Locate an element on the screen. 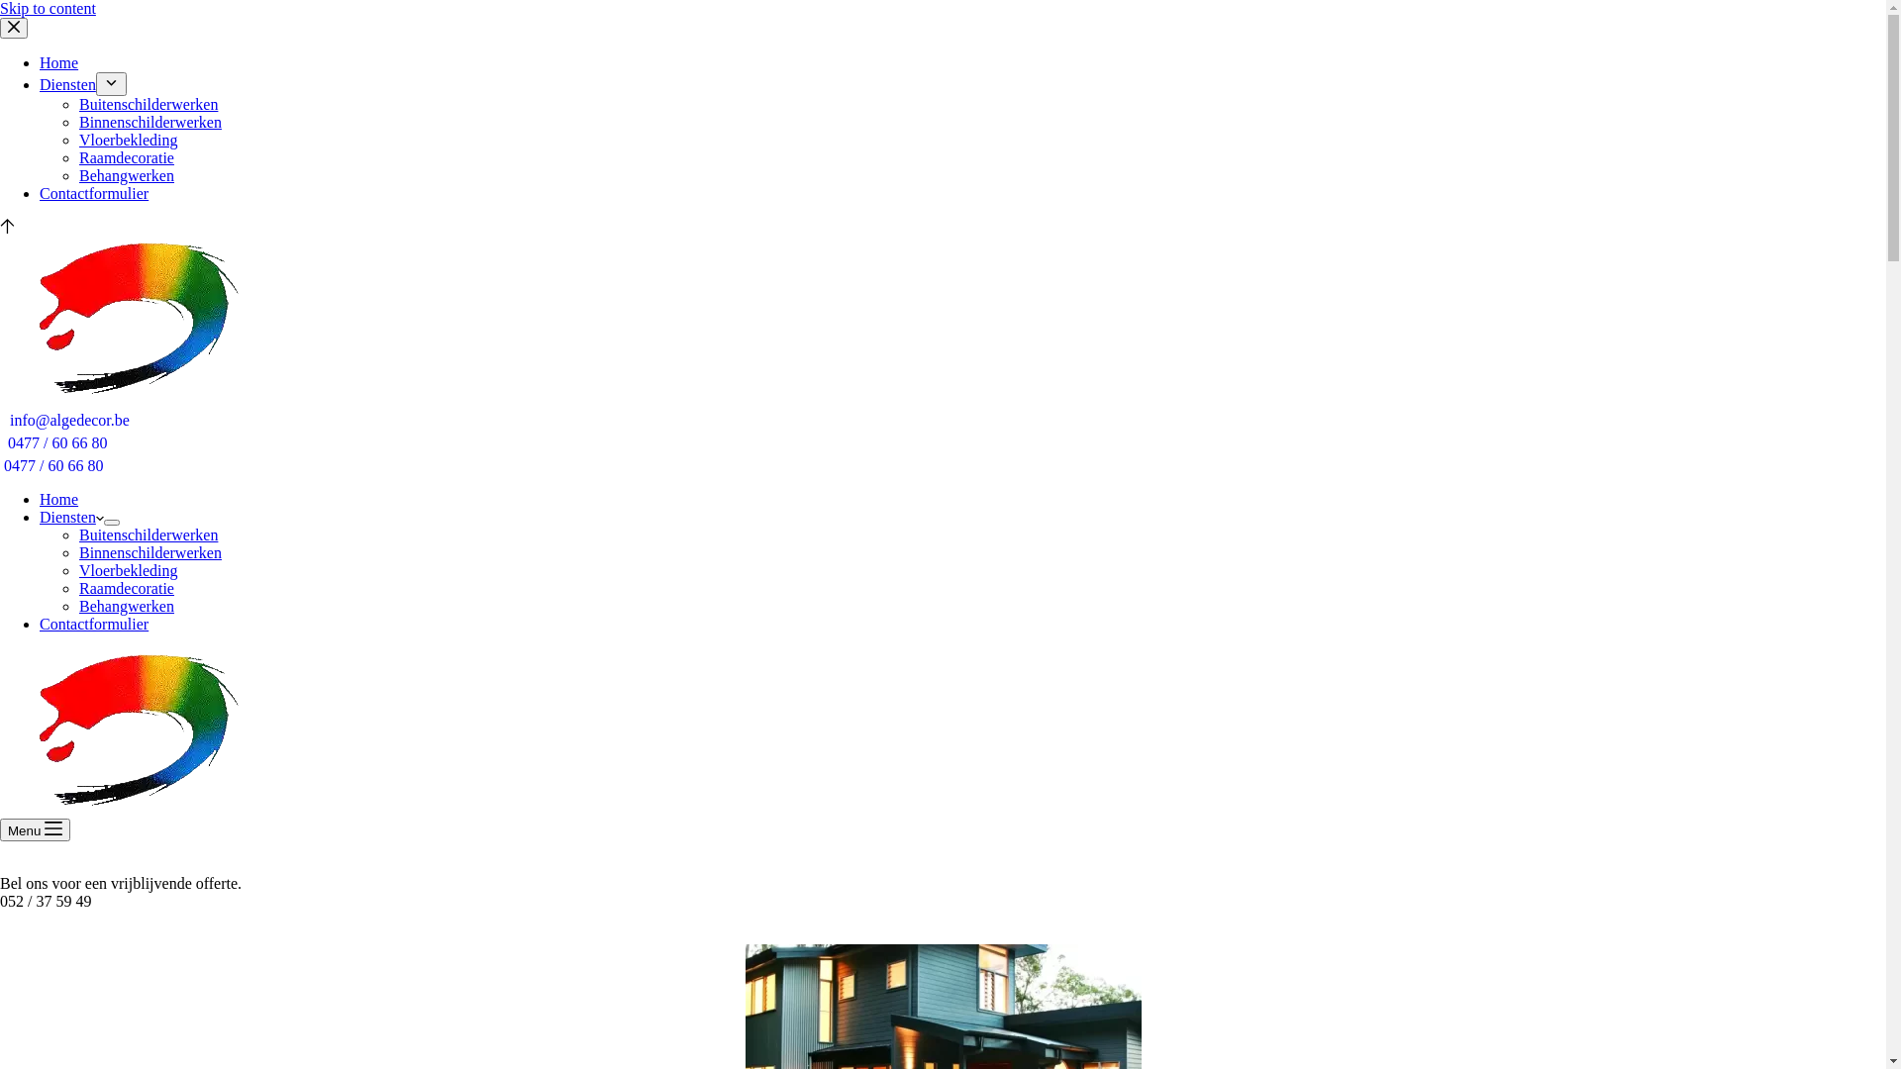 Image resolution: width=1901 pixels, height=1069 pixels. 'Buitenschilderwerken' is located at coordinates (147, 104).